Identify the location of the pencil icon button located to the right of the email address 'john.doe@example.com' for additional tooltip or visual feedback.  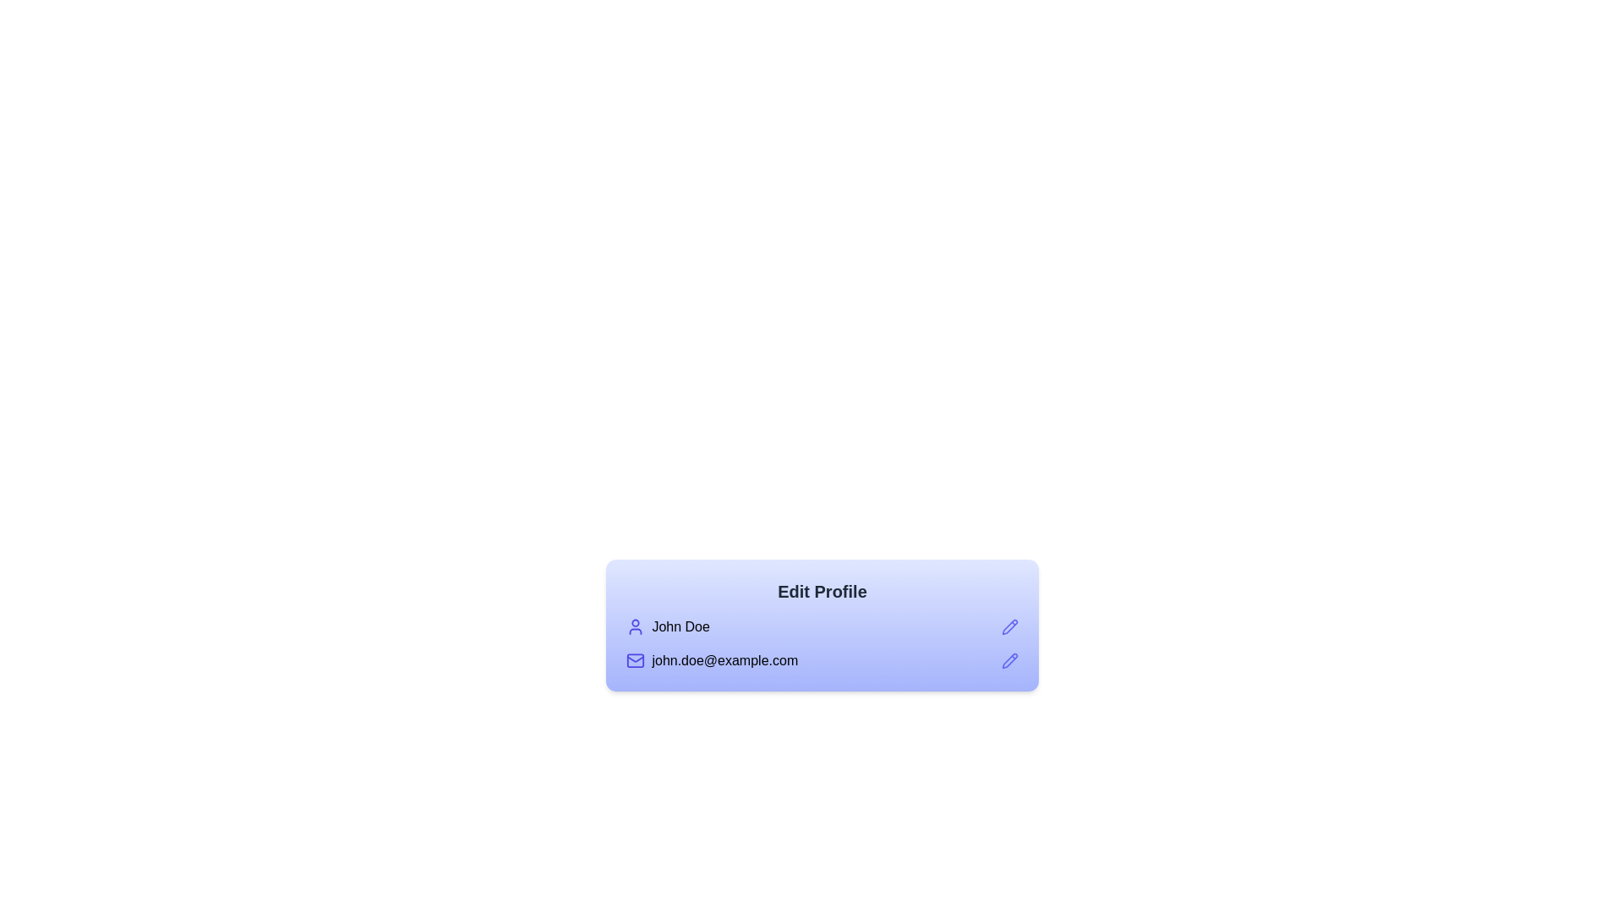
(1010, 660).